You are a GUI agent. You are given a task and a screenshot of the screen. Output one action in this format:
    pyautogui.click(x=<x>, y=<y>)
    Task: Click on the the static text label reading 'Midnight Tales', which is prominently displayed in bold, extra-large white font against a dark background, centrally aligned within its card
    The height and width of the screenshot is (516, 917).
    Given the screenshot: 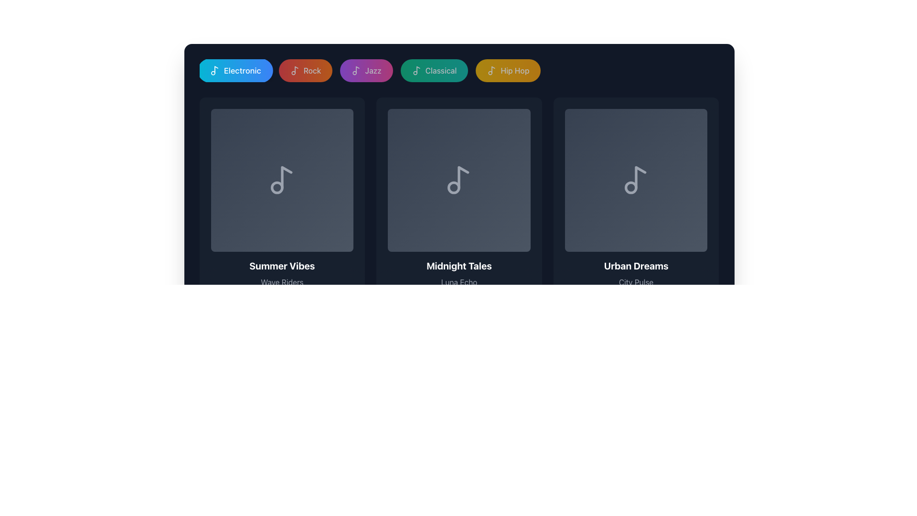 What is the action you would take?
    pyautogui.click(x=459, y=266)
    